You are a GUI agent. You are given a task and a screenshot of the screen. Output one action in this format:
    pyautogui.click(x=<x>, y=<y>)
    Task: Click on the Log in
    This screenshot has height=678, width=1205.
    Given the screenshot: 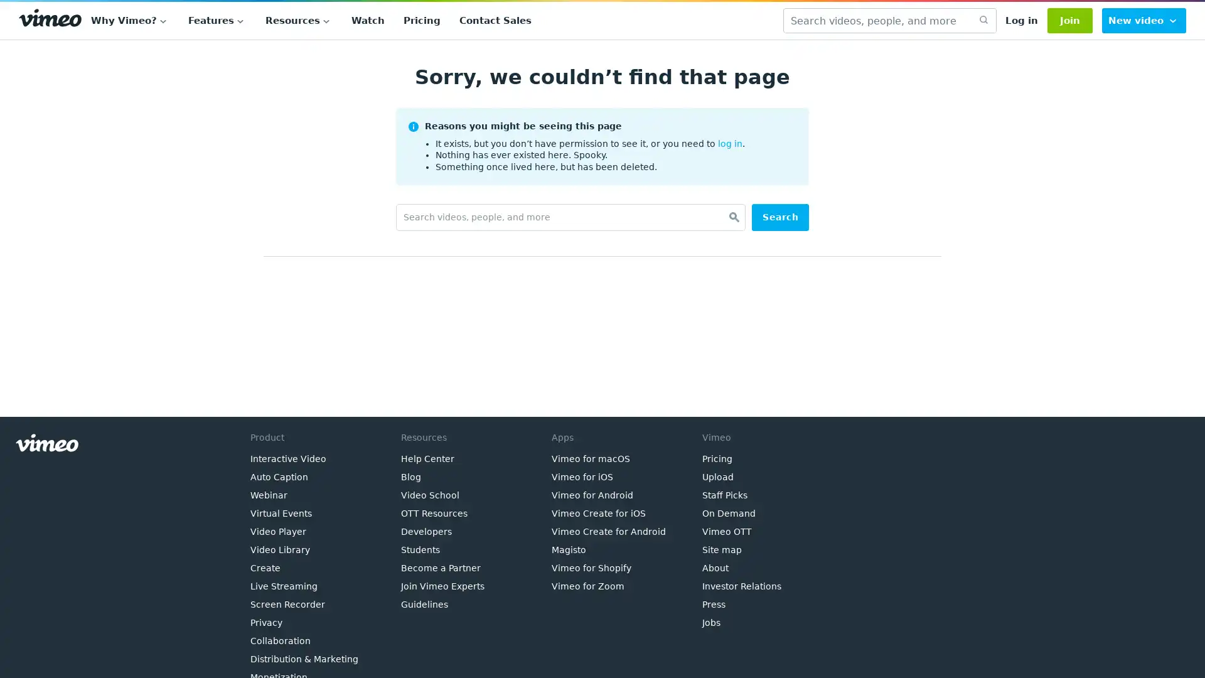 What is the action you would take?
    pyautogui.click(x=1021, y=21)
    